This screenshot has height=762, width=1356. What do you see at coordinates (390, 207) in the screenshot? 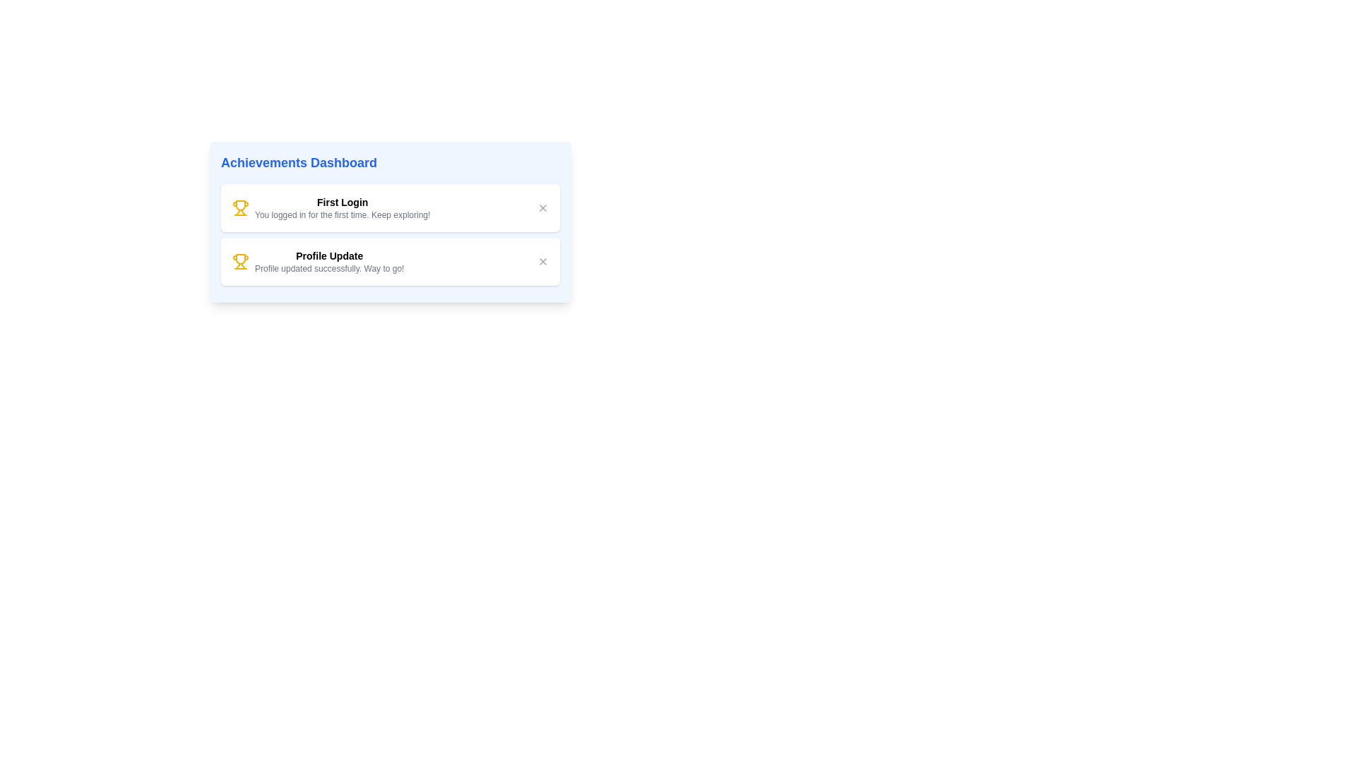
I see `the Notification card that notifies the user of their first login achievement, located in the Achievements Dashboard section` at bounding box center [390, 207].